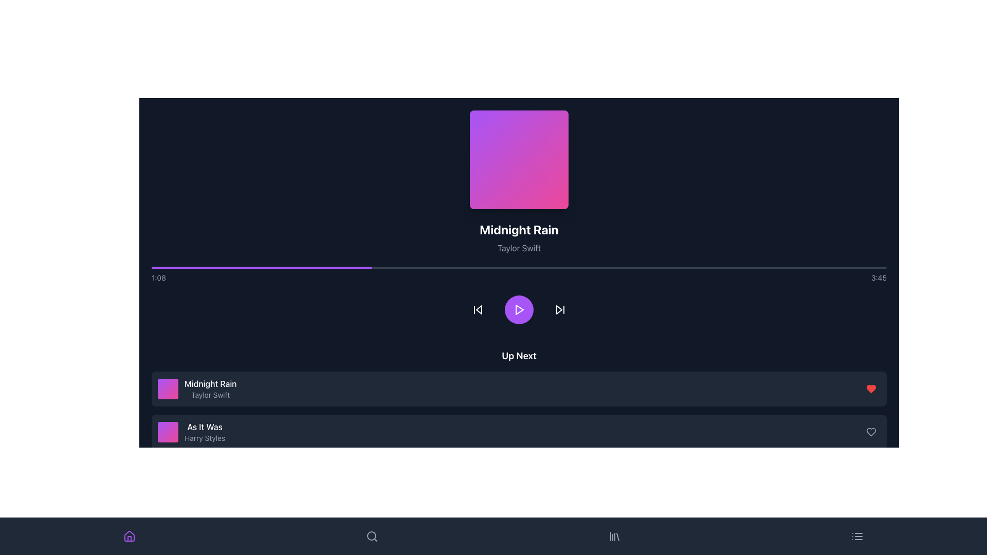  Describe the element at coordinates (205, 427) in the screenshot. I see `the text label that represents the title of a song in the 'Up Next' section of the music playlist, located below 'Midnight Rain' by Taylor Swift` at that location.